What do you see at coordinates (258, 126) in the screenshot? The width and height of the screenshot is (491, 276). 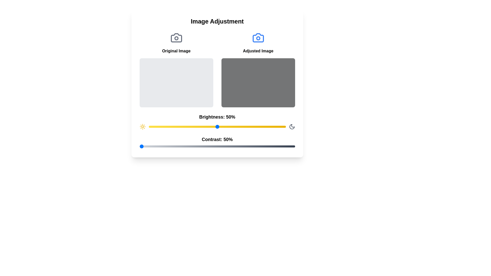 I see `the brightness` at bounding box center [258, 126].